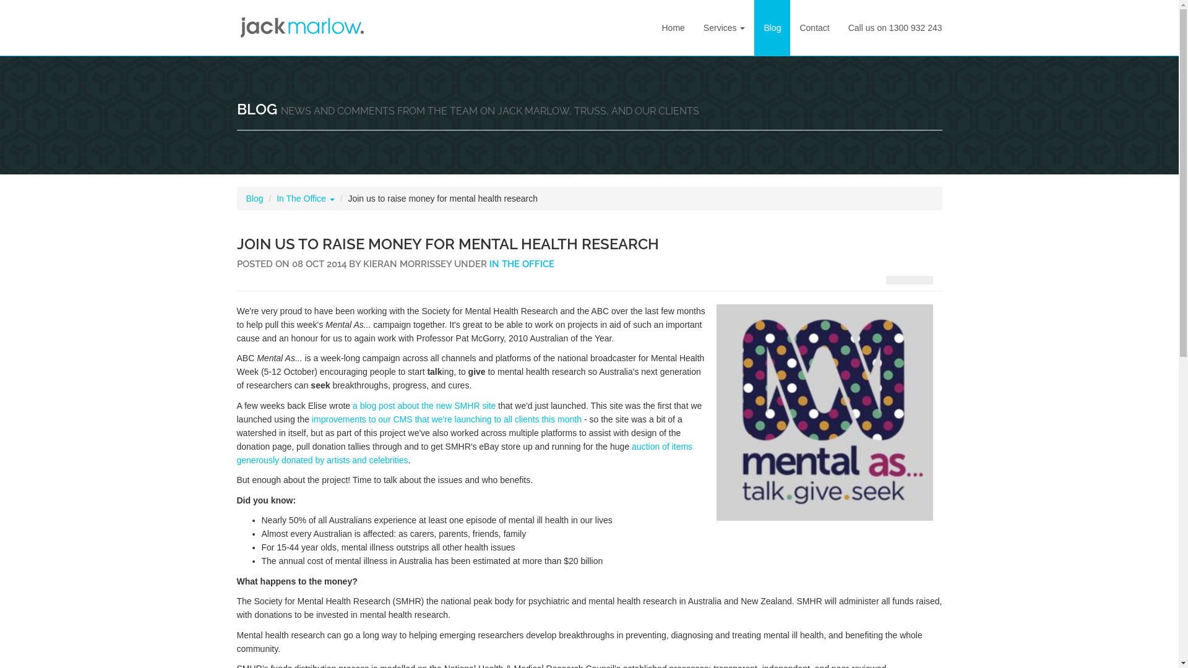 Image resolution: width=1188 pixels, height=668 pixels. Describe the element at coordinates (924, 280) in the screenshot. I see `'Share on Twitter'` at that location.